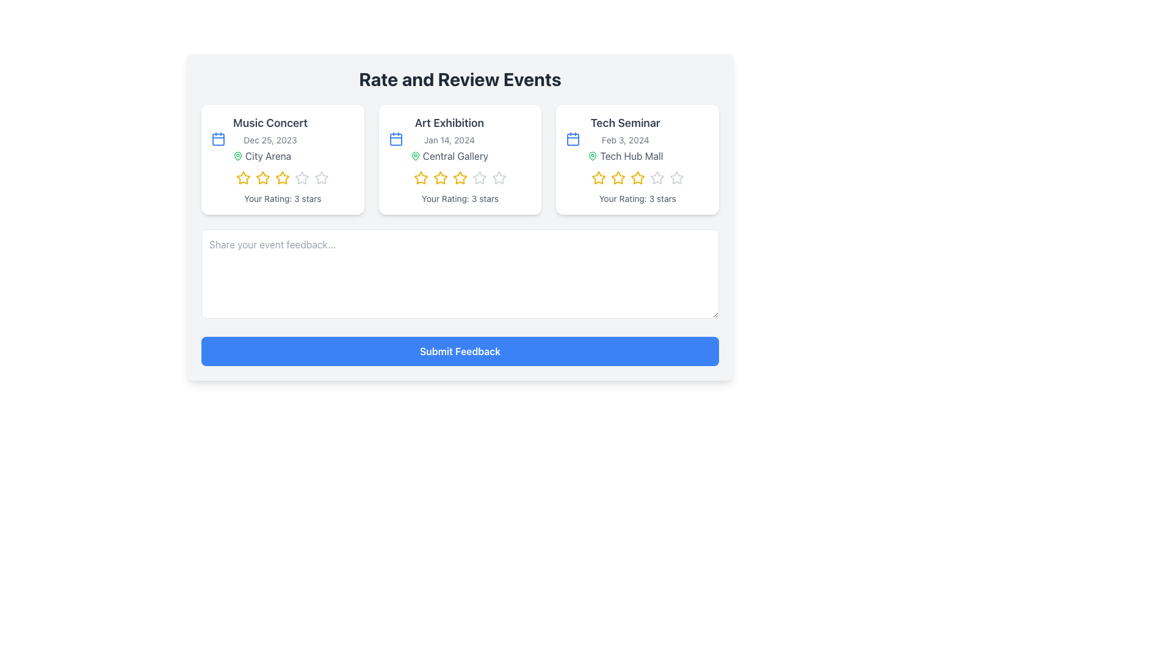  Describe the element at coordinates (637, 138) in the screenshot. I see `details from the 'Tech Seminar' informative card, which displays the event name, date, and location, positioned as the third card in a row of three event cards` at that location.